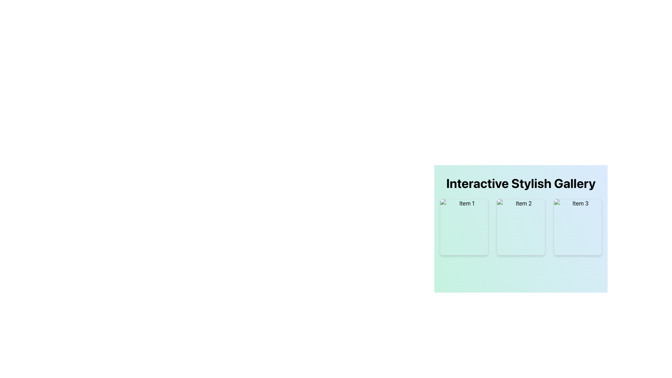  I want to click on the bold title 'Interactive Stylish Gallery' displayed prominently at the top of the page, so click(521, 183).